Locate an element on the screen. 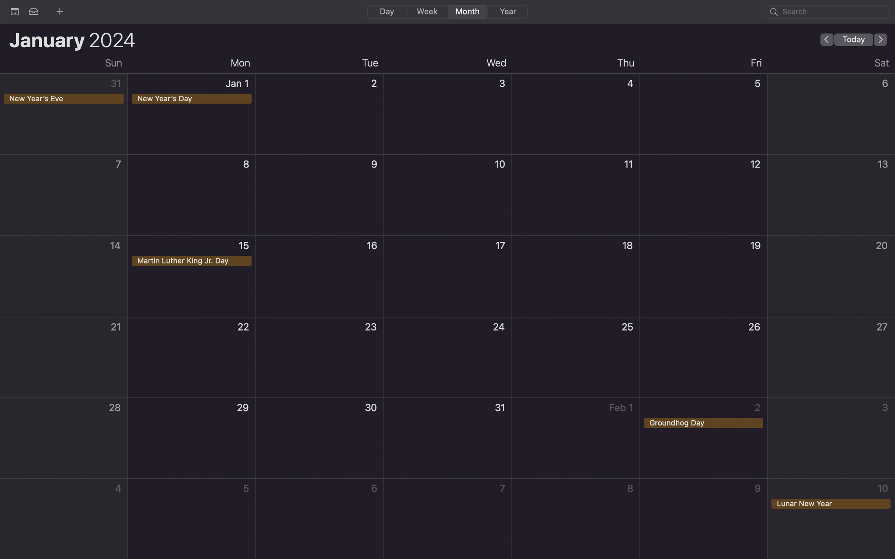 The height and width of the screenshot is (559, 895). the function to set up an event on the month"s 30th is located at coordinates (320, 439).